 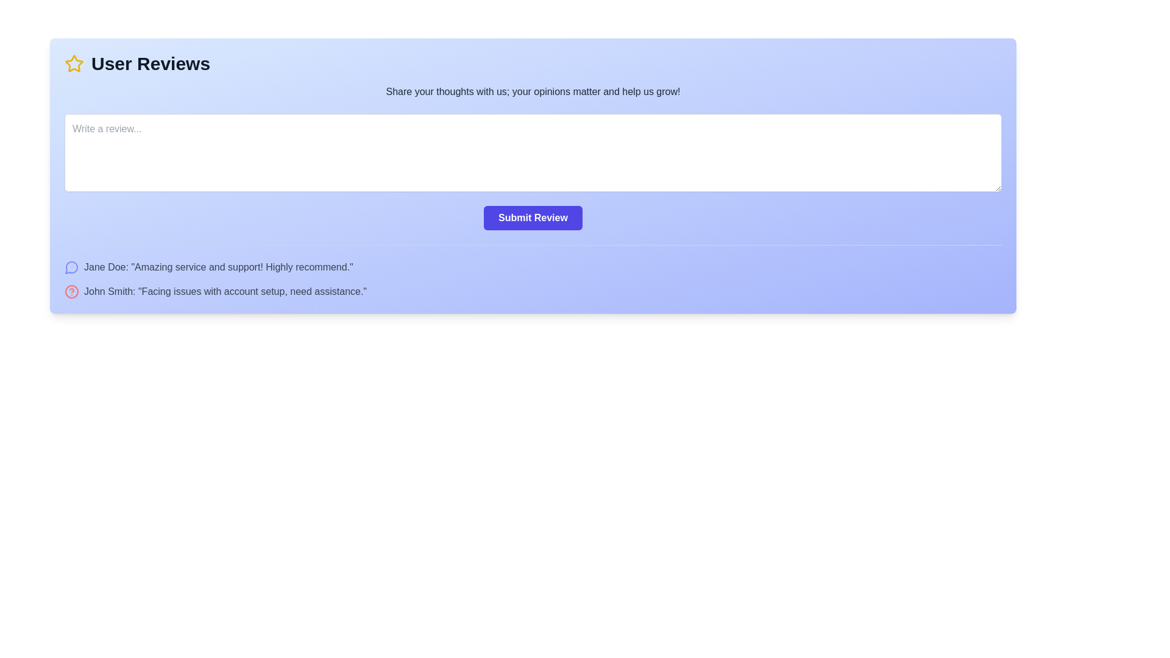 What do you see at coordinates (73, 63) in the screenshot?
I see `the star icon with a hollow shape and yellow outline located next to the title 'User Reviews' in the top-left area of the interface` at bounding box center [73, 63].